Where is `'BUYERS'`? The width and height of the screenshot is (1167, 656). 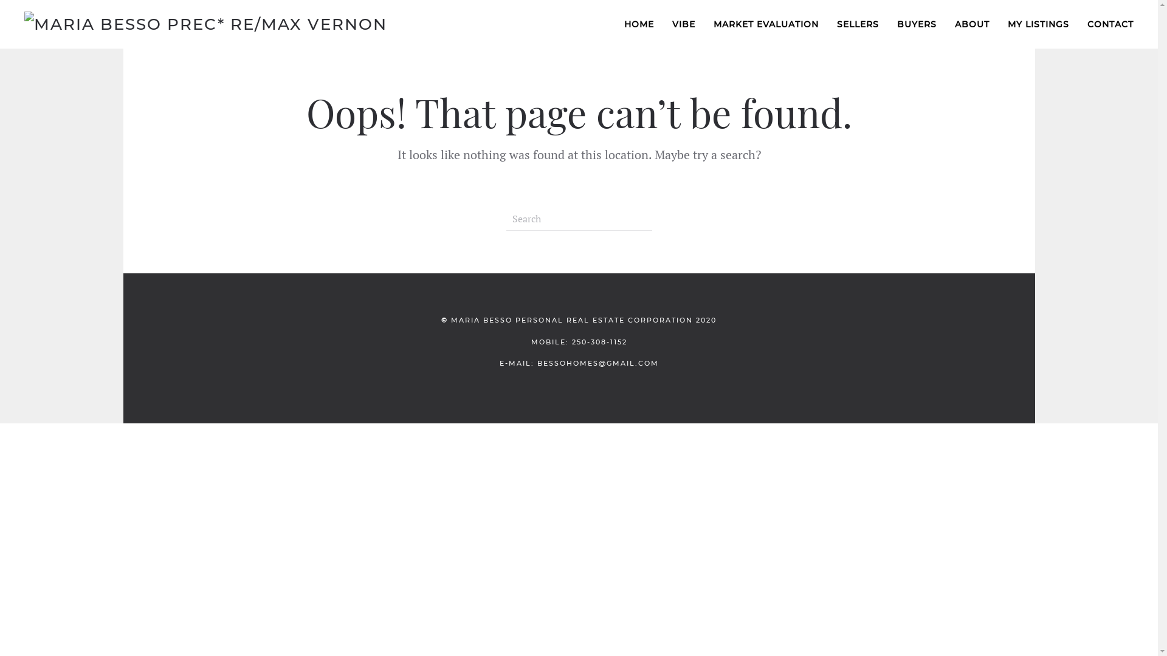
'BUYERS' is located at coordinates (917, 24).